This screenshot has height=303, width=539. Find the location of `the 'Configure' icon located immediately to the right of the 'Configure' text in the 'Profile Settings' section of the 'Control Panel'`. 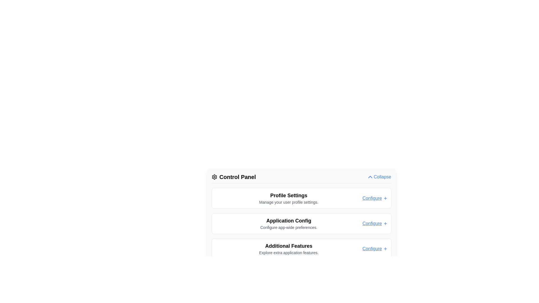

the 'Configure' icon located immediately to the right of the 'Configure' text in the 'Profile Settings' section of the 'Control Panel' is located at coordinates (385, 198).